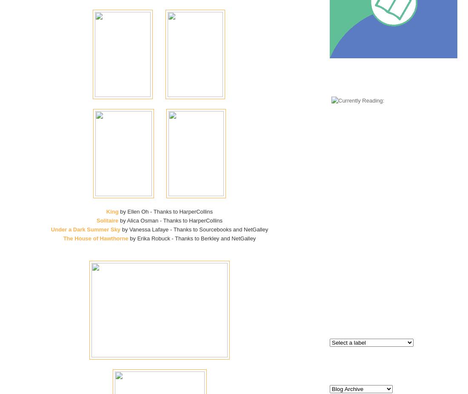 The width and height of the screenshot is (468, 394). I want to click on 'Currently Reading:', so click(393, 81).